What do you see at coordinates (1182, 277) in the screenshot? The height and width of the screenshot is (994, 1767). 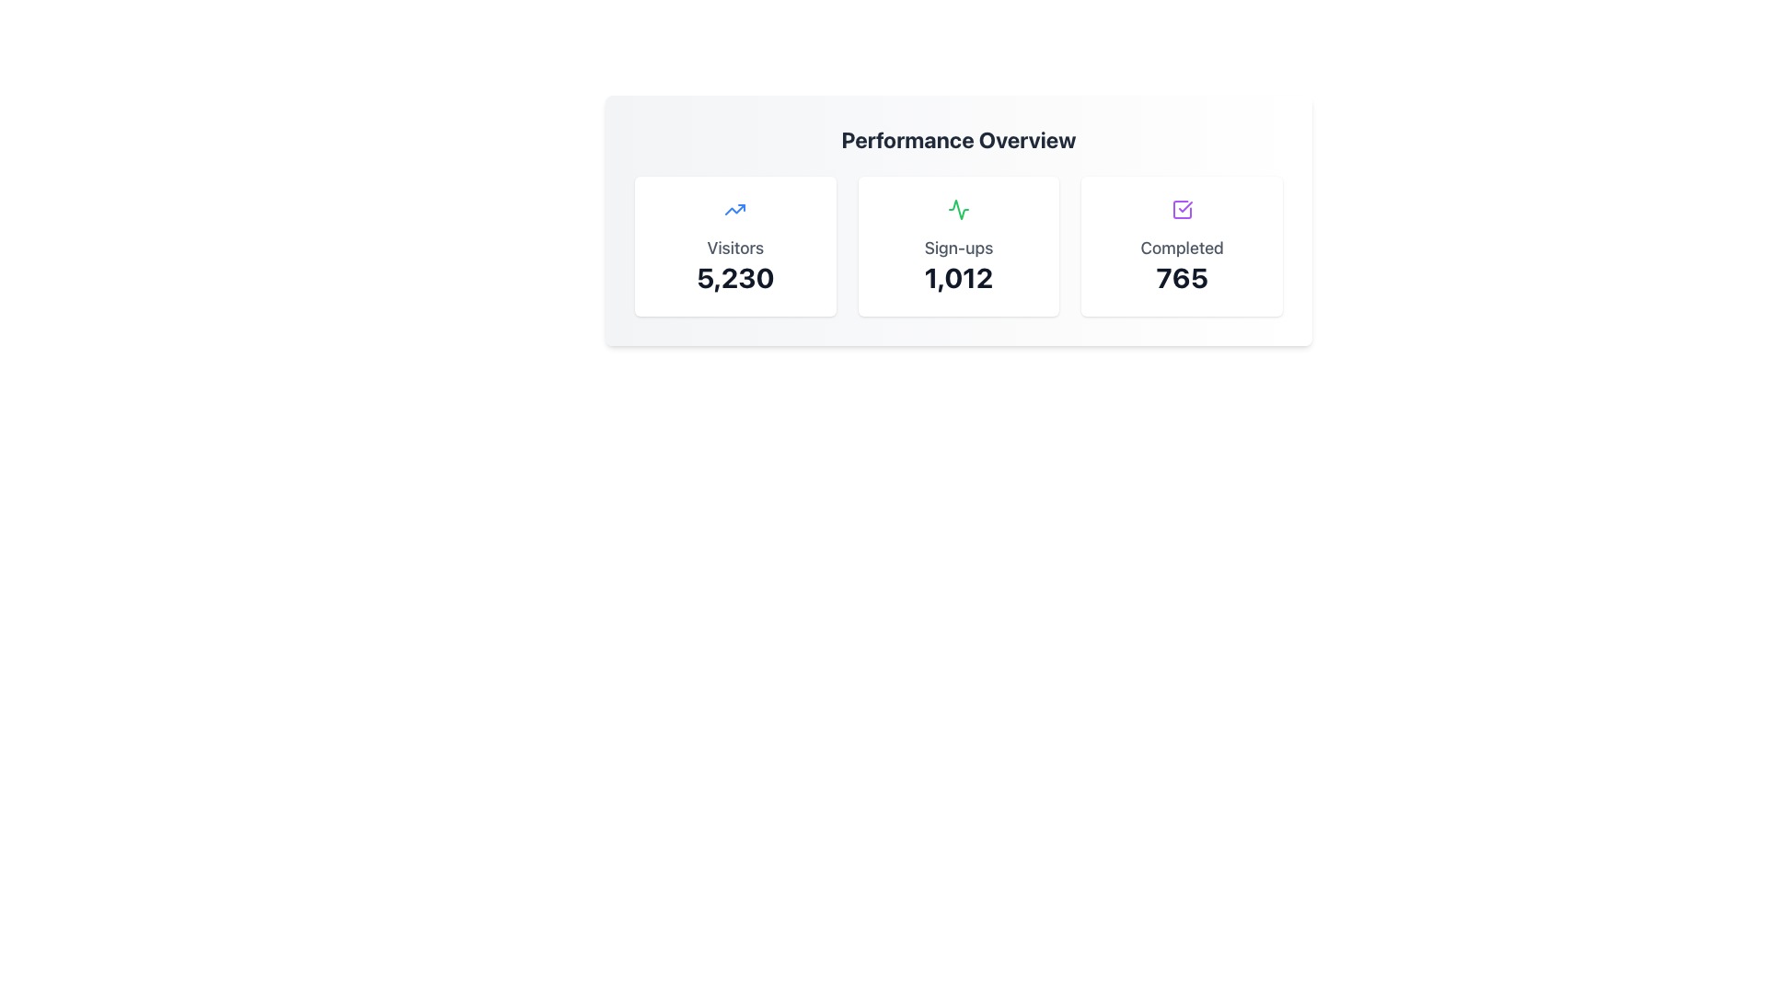 I see `the bold numeric label '765' in dark gray text, which is located in the 'Completed' section of a card-like component within a performance dashboard` at bounding box center [1182, 277].